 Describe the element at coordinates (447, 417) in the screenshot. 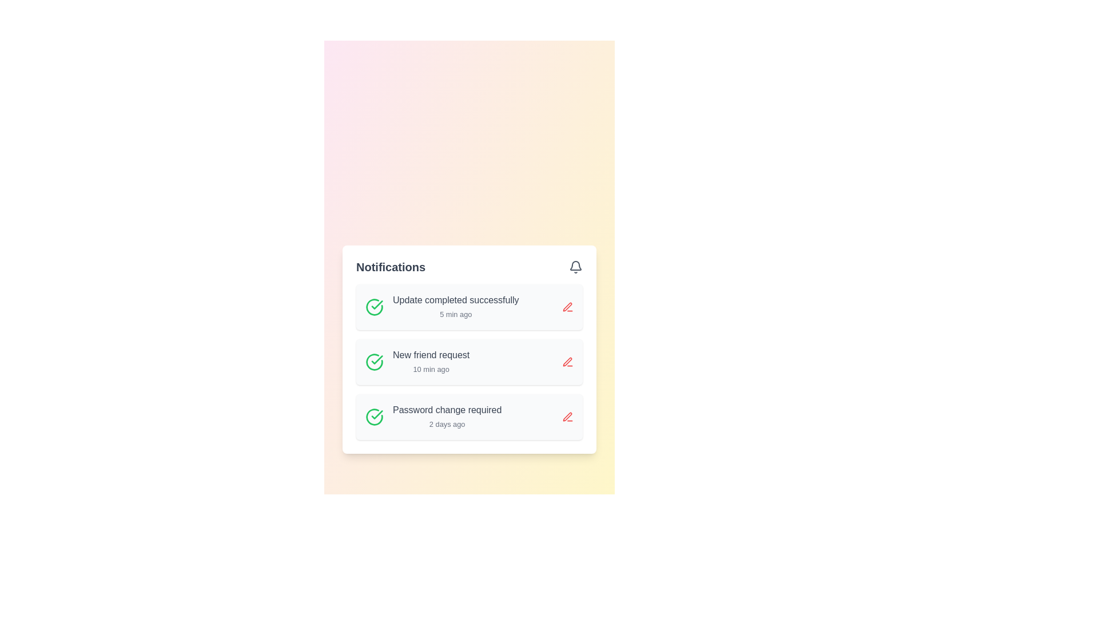

I see `the bottom-most Notification List Item with the title 'Password change required' and timestamp '2 days ago'` at that location.